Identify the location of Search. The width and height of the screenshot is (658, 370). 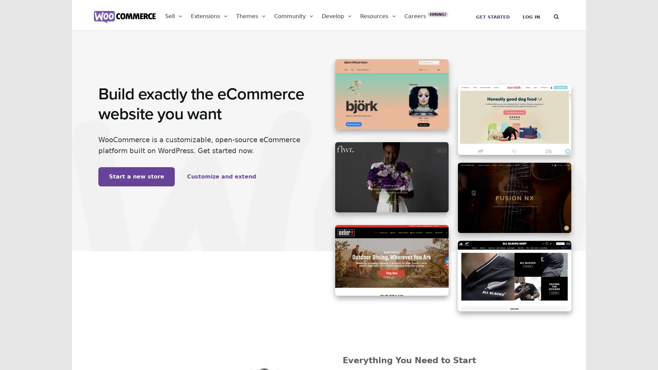
(556, 16).